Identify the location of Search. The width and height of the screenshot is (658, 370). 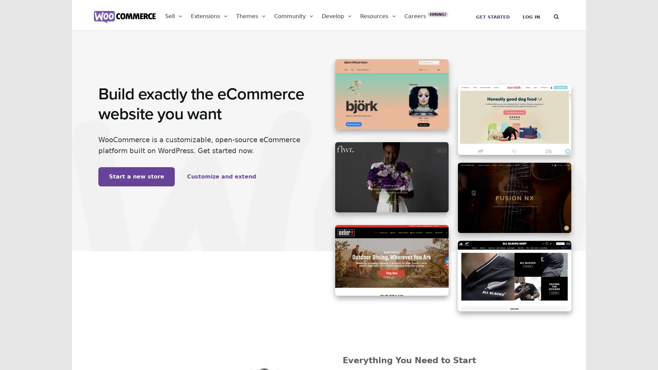
(556, 16).